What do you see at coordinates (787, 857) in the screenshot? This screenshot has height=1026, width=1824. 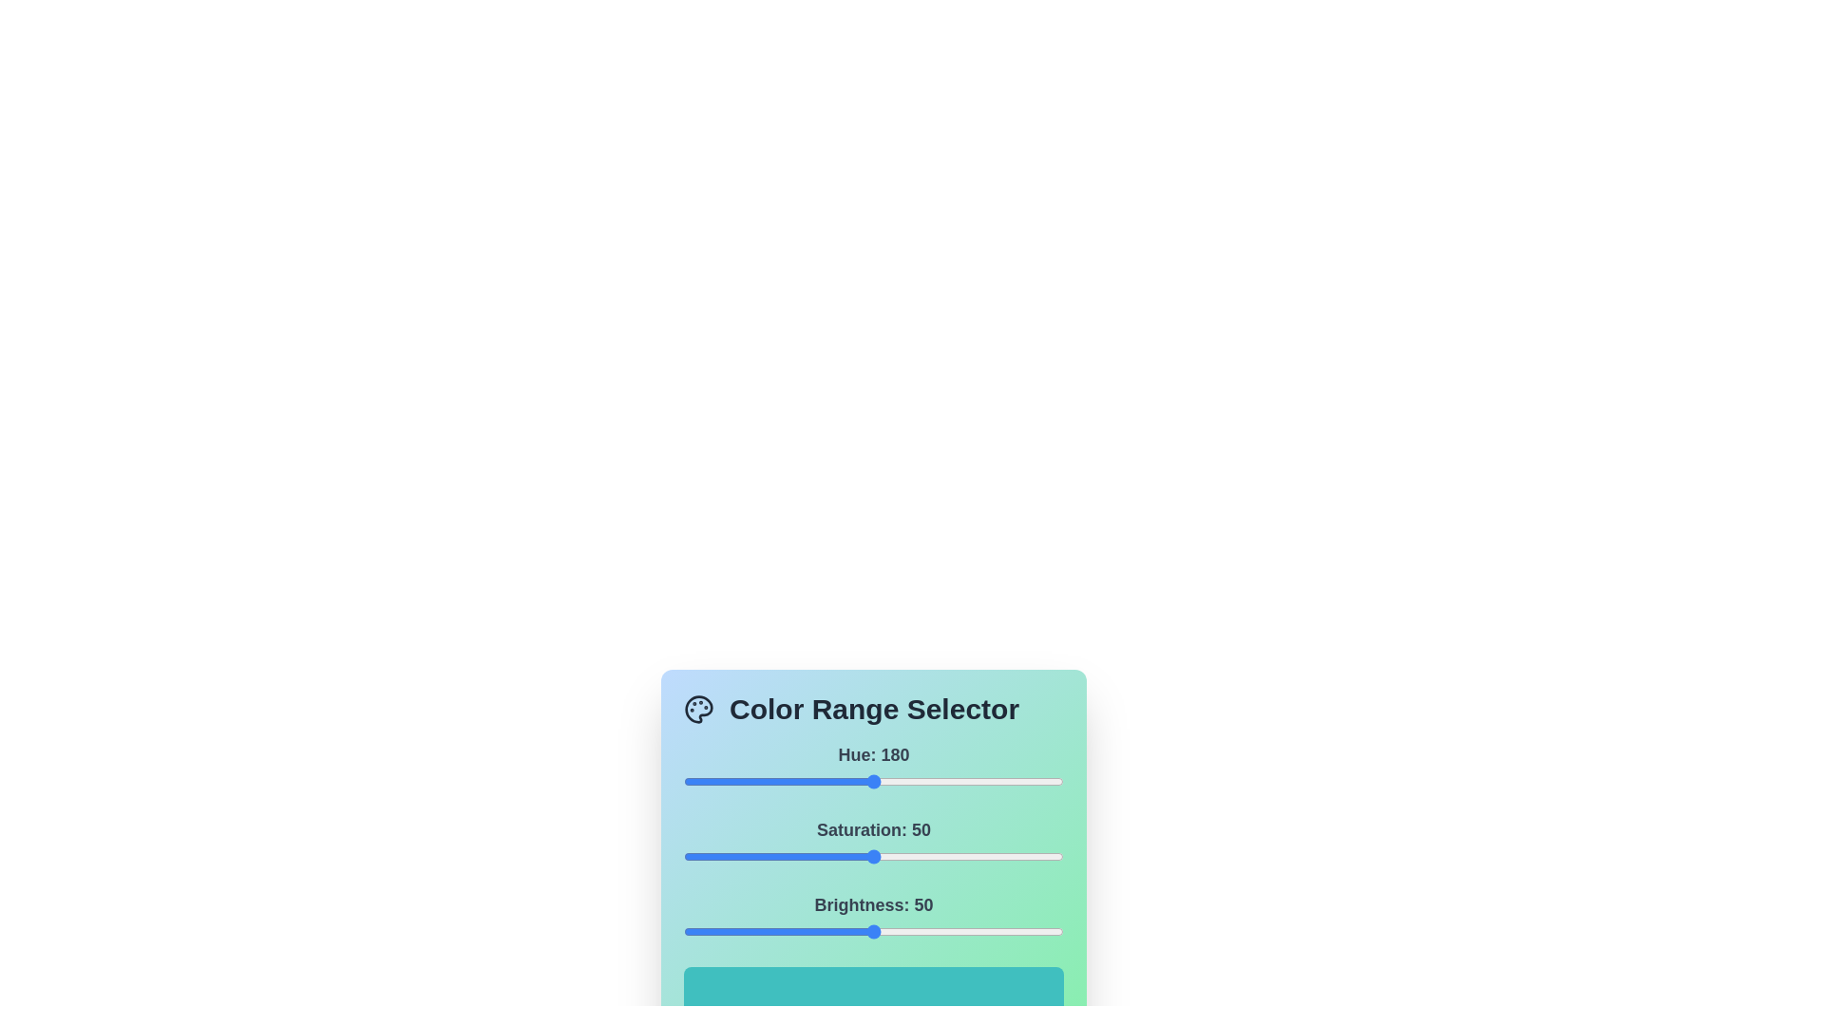 I see `the 1 slider to 27` at bounding box center [787, 857].